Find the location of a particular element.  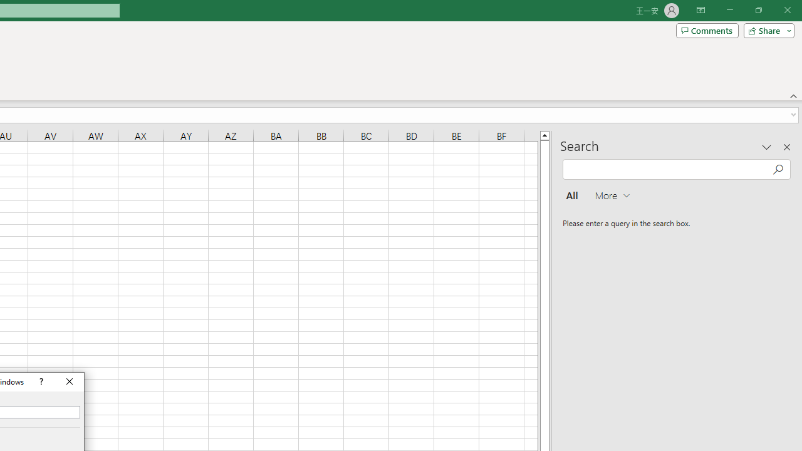

'Context help' is located at coordinates (40, 381).